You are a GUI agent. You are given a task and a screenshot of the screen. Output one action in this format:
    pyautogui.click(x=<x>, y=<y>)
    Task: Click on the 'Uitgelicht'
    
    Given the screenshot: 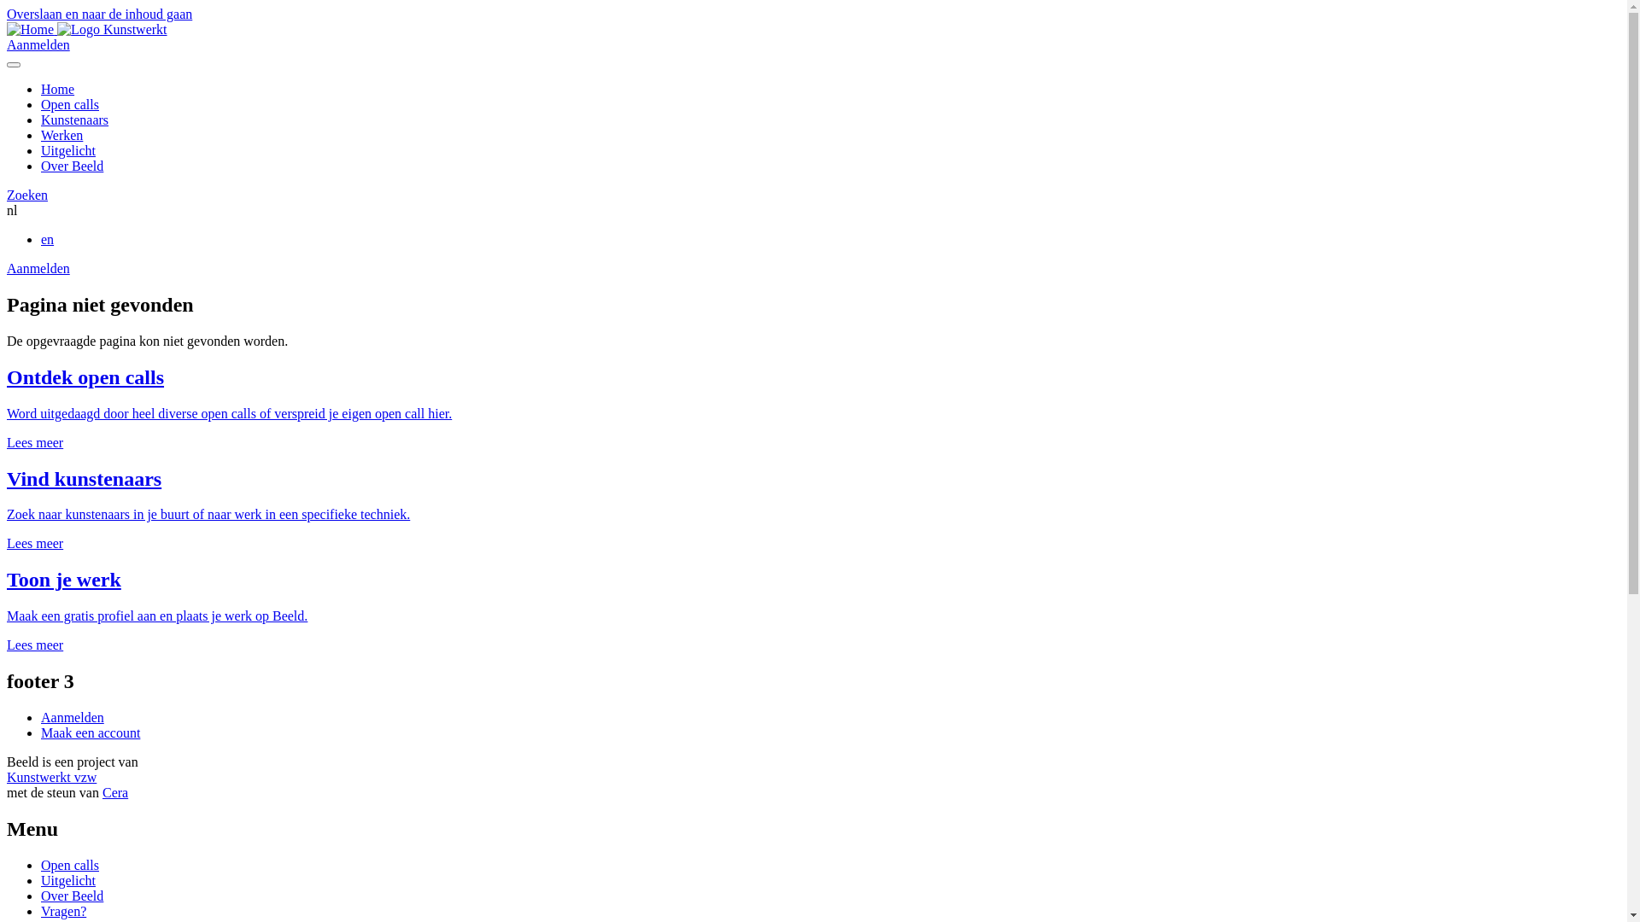 What is the action you would take?
    pyautogui.click(x=68, y=149)
    